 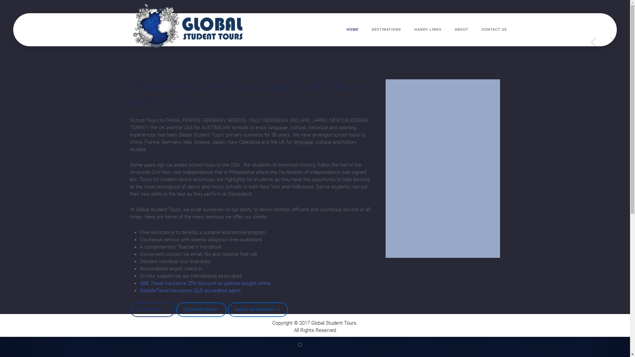 What do you see at coordinates (494, 29) in the screenshot?
I see `'CONTACT US'` at bounding box center [494, 29].